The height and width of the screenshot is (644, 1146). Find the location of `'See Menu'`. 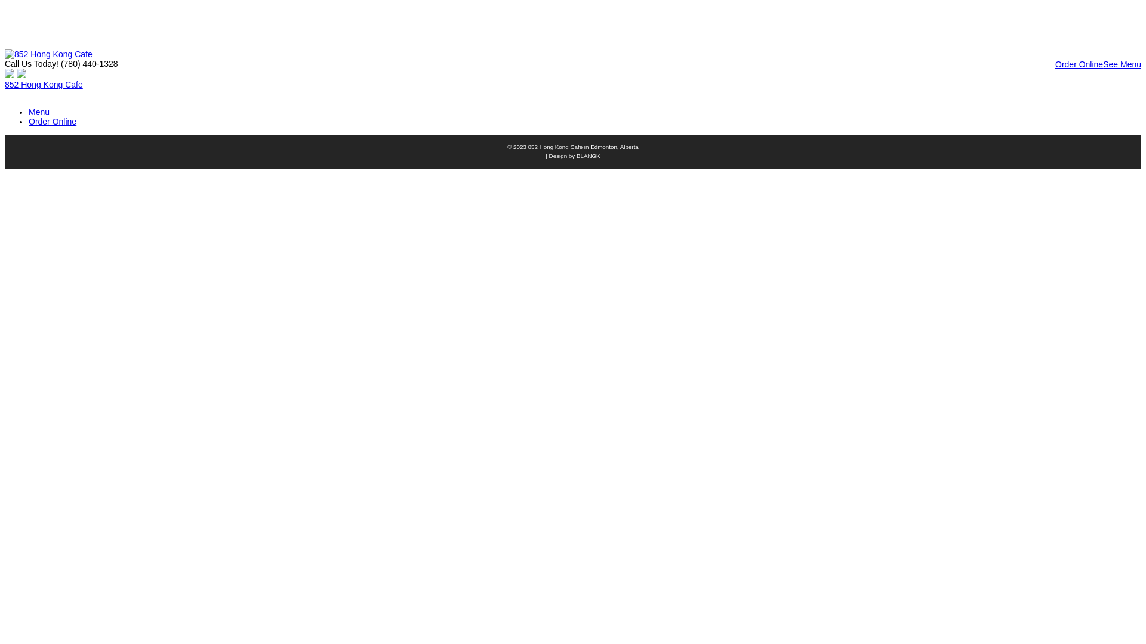

'See Menu' is located at coordinates (1102, 64).